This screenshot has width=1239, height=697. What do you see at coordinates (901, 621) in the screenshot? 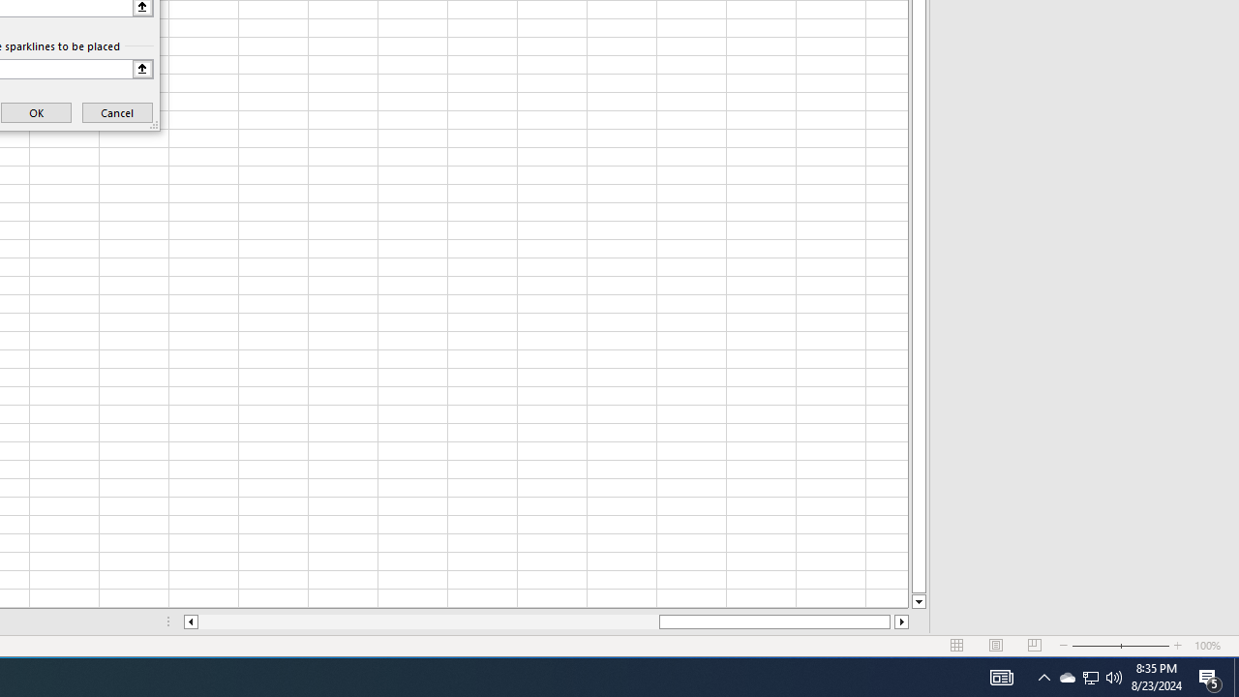
I see `'Column right'` at bounding box center [901, 621].